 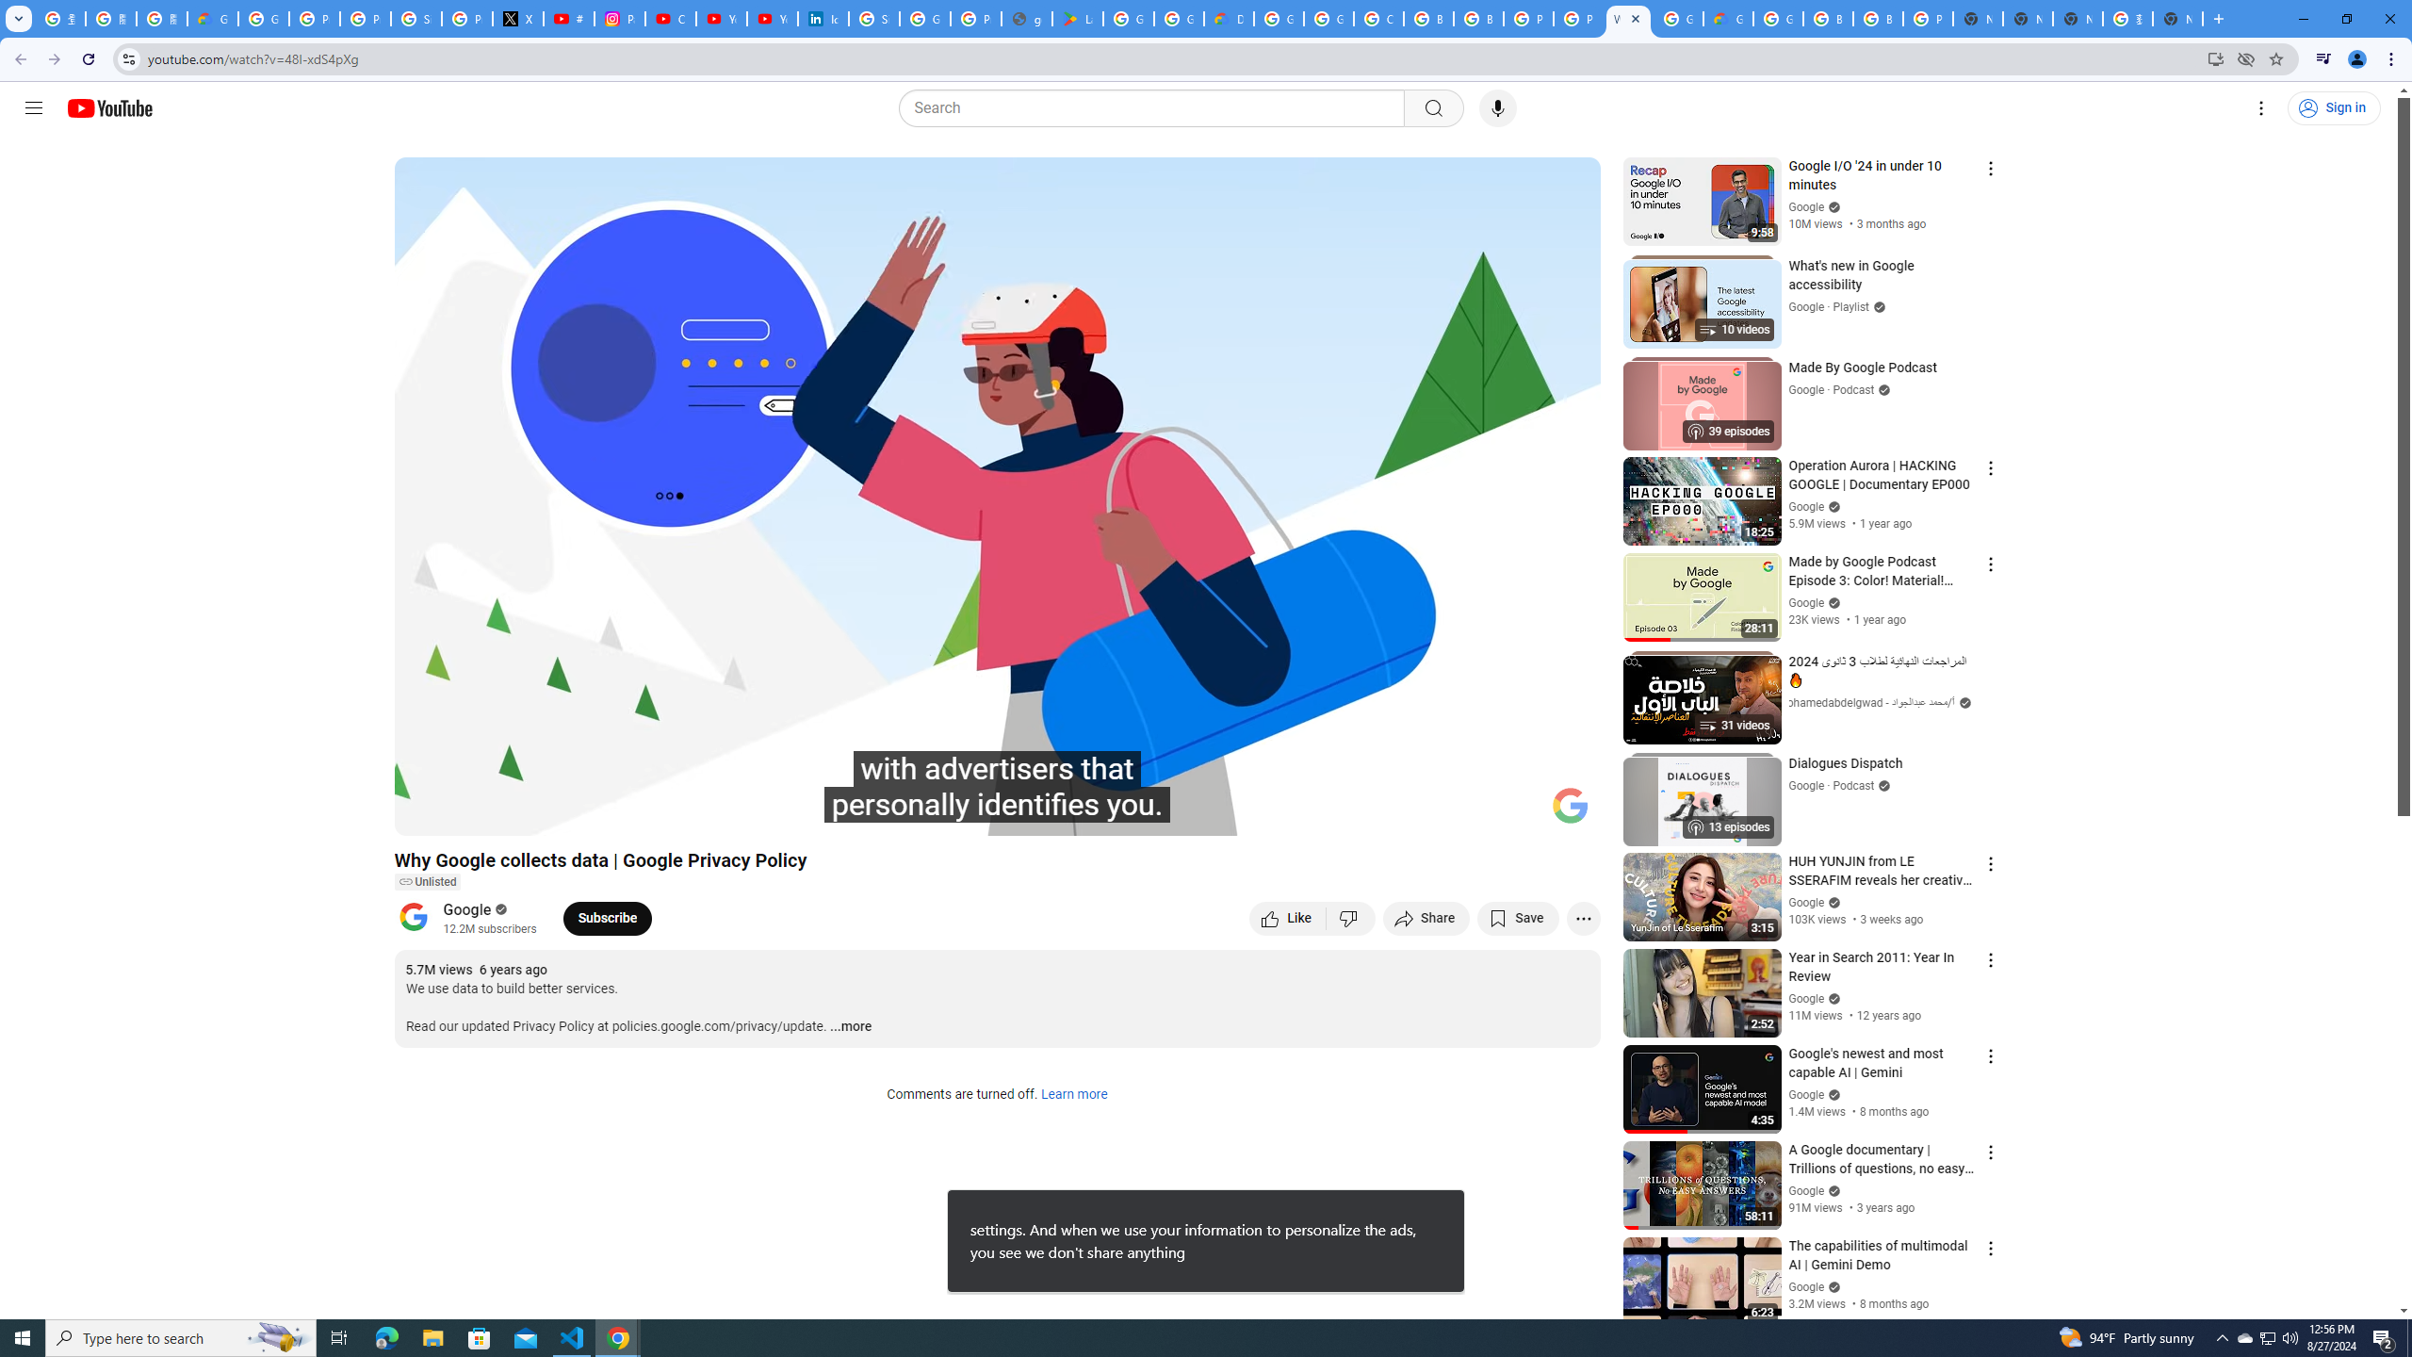 I want to click on '...more', so click(x=849, y=1026).